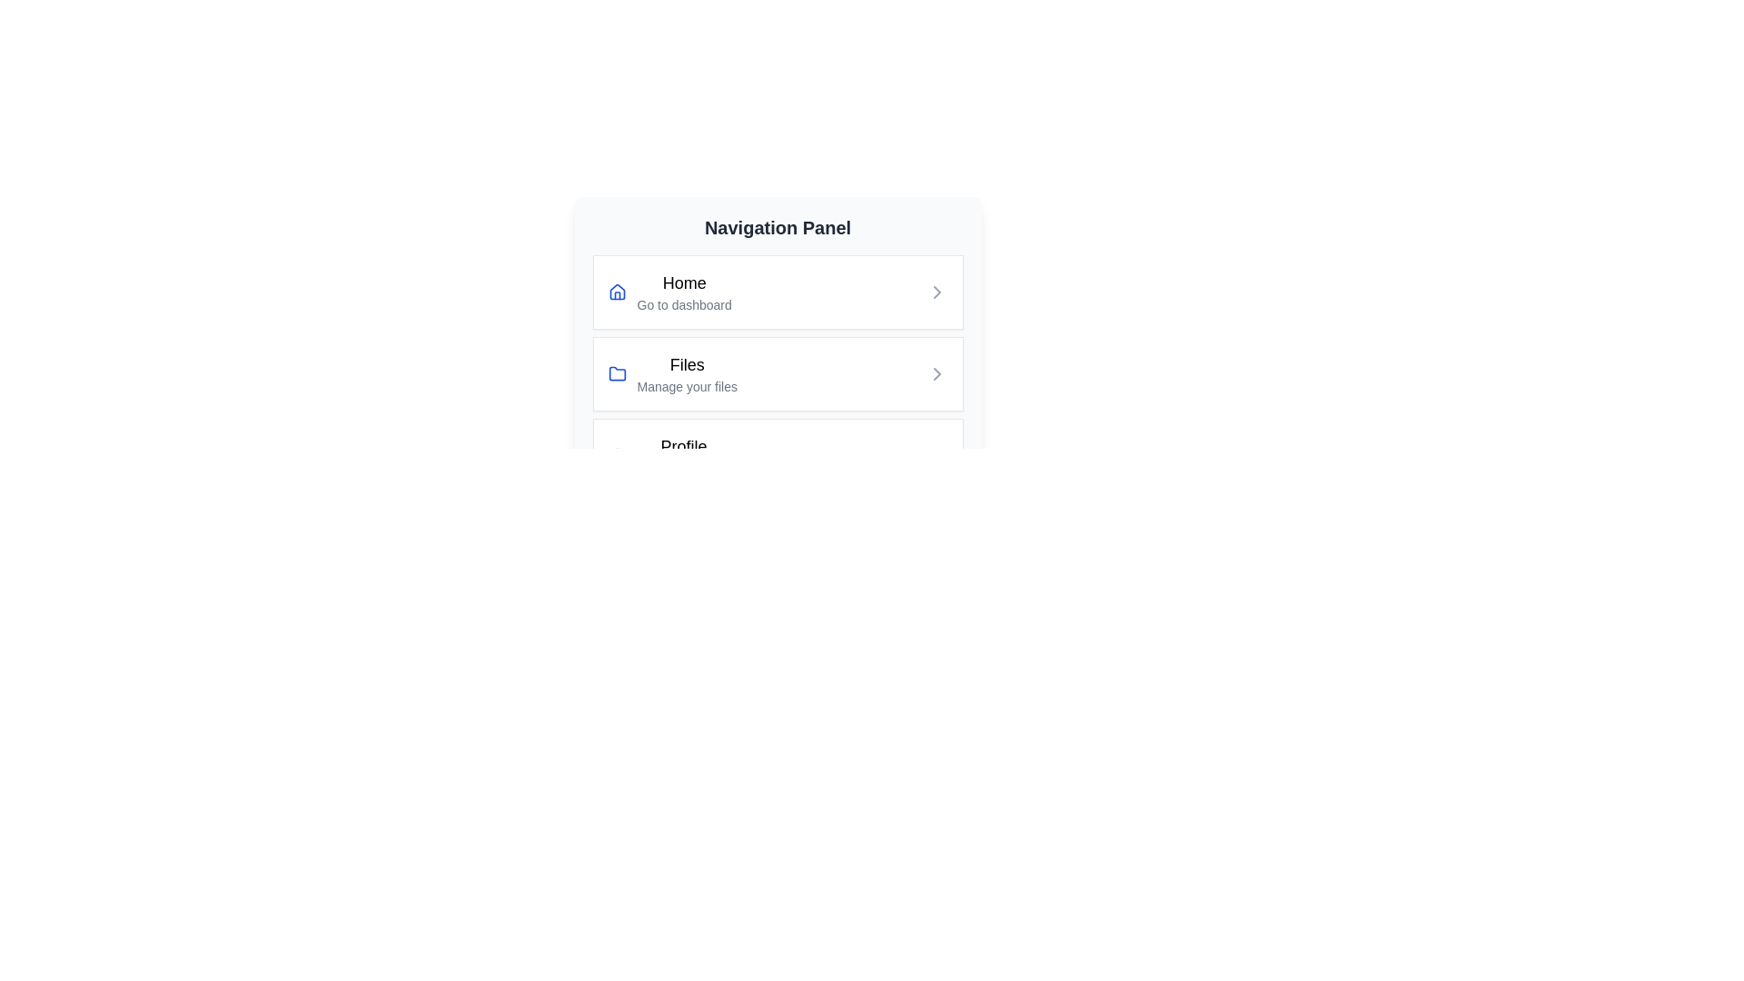 Image resolution: width=1744 pixels, height=981 pixels. Describe the element at coordinates (778, 291) in the screenshot. I see `the first navigational link in the vertical list` at that location.